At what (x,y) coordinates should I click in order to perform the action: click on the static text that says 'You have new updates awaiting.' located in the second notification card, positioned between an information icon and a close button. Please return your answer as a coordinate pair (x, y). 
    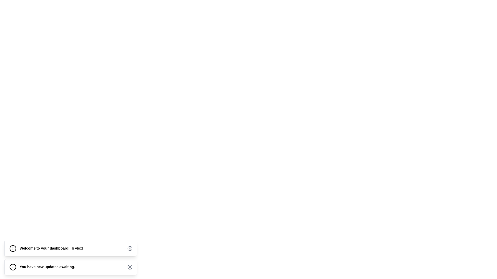
    Looking at the image, I should click on (47, 267).